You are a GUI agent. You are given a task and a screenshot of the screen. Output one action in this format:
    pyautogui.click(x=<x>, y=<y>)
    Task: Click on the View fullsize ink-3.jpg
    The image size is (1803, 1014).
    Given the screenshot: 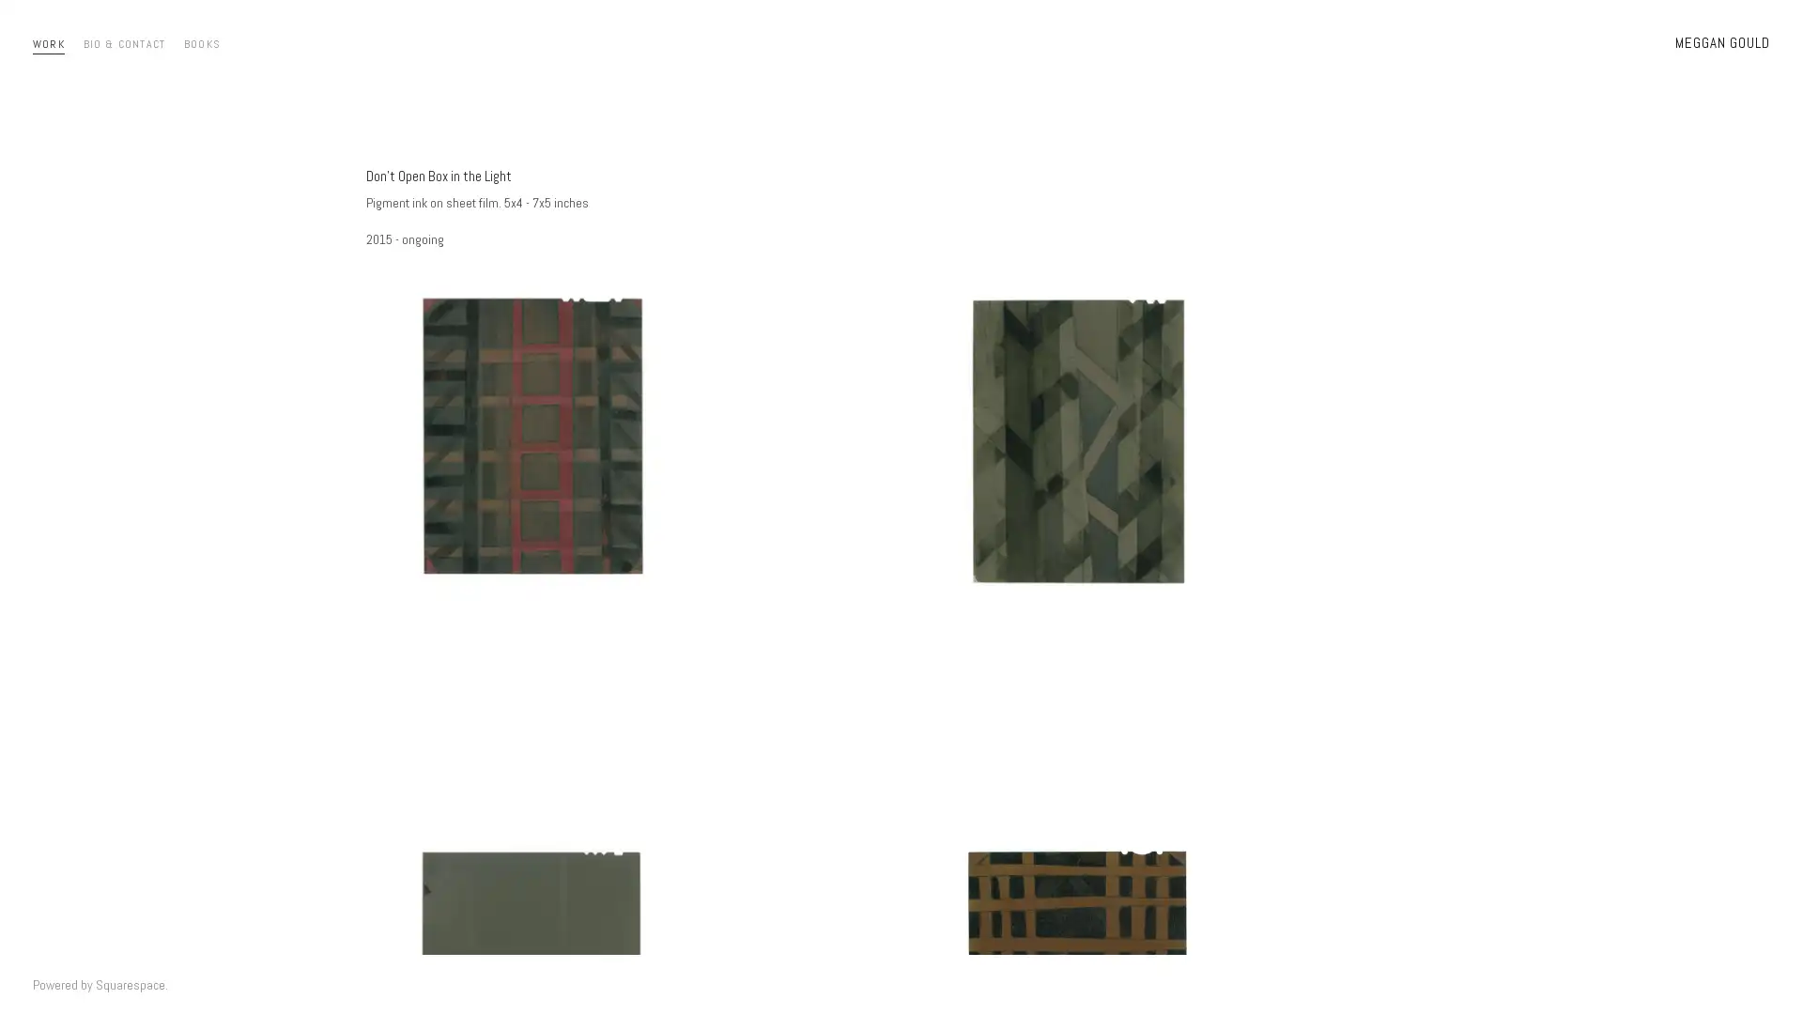 What is the action you would take?
    pyautogui.click(x=1172, y=535)
    